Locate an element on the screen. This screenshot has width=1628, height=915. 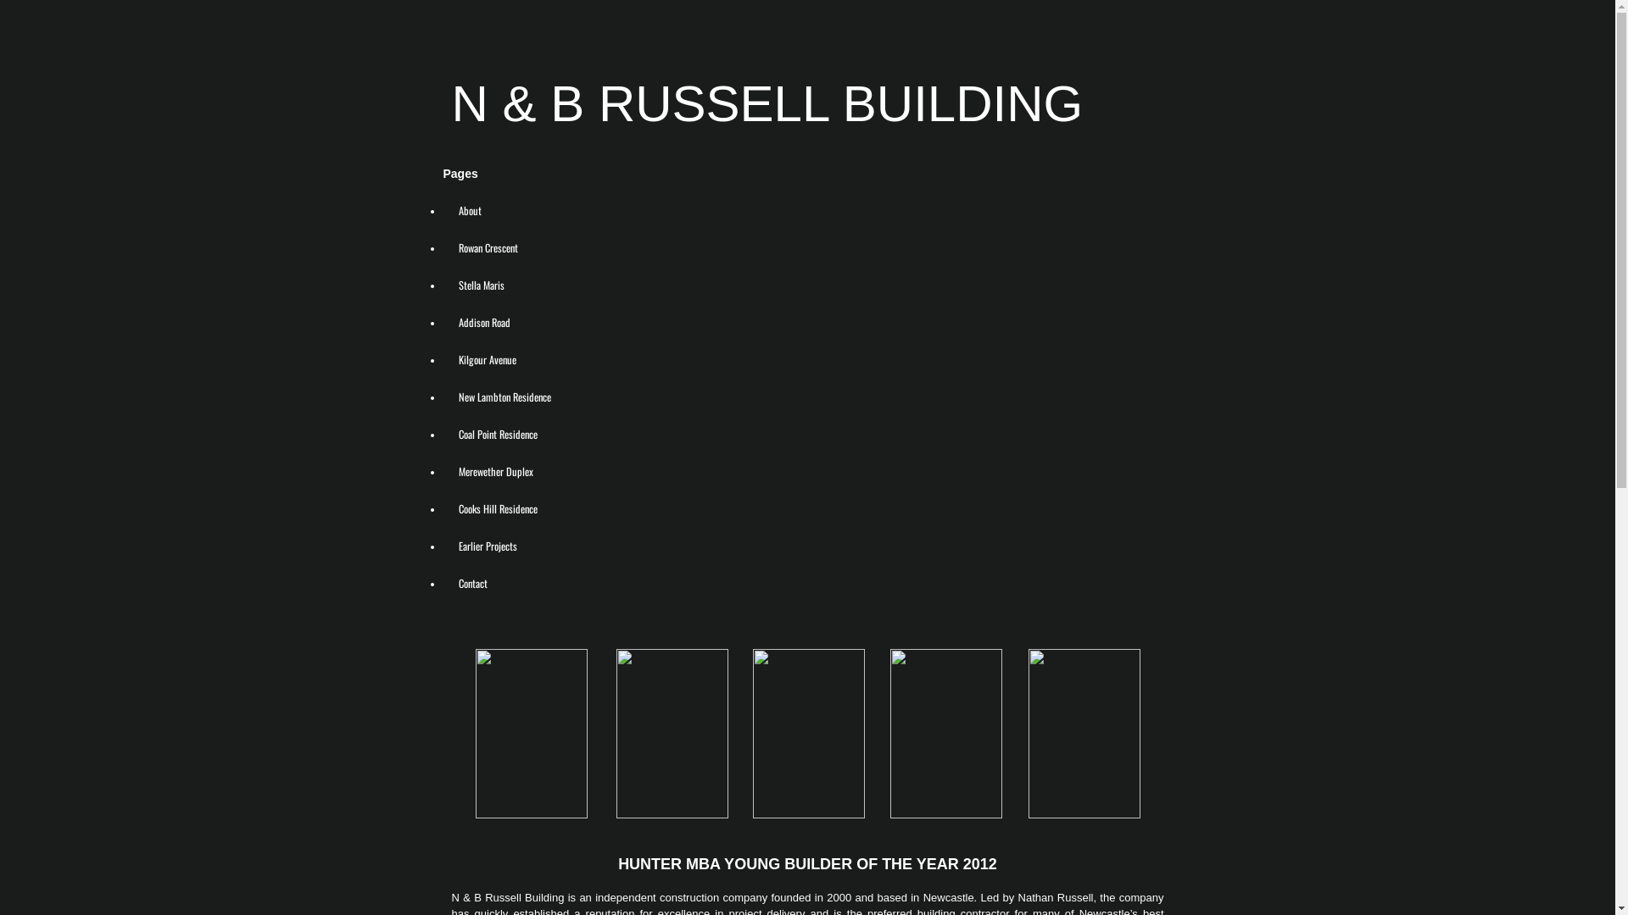
'Cooks Hill Residence' is located at coordinates (497, 507).